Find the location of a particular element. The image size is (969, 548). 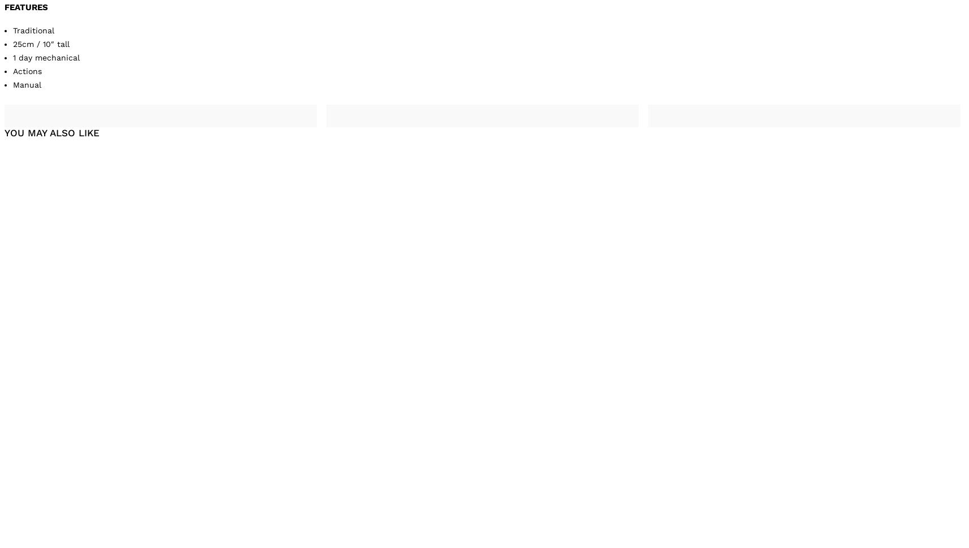

'25cm / 10″ tall' is located at coordinates (40, 43).